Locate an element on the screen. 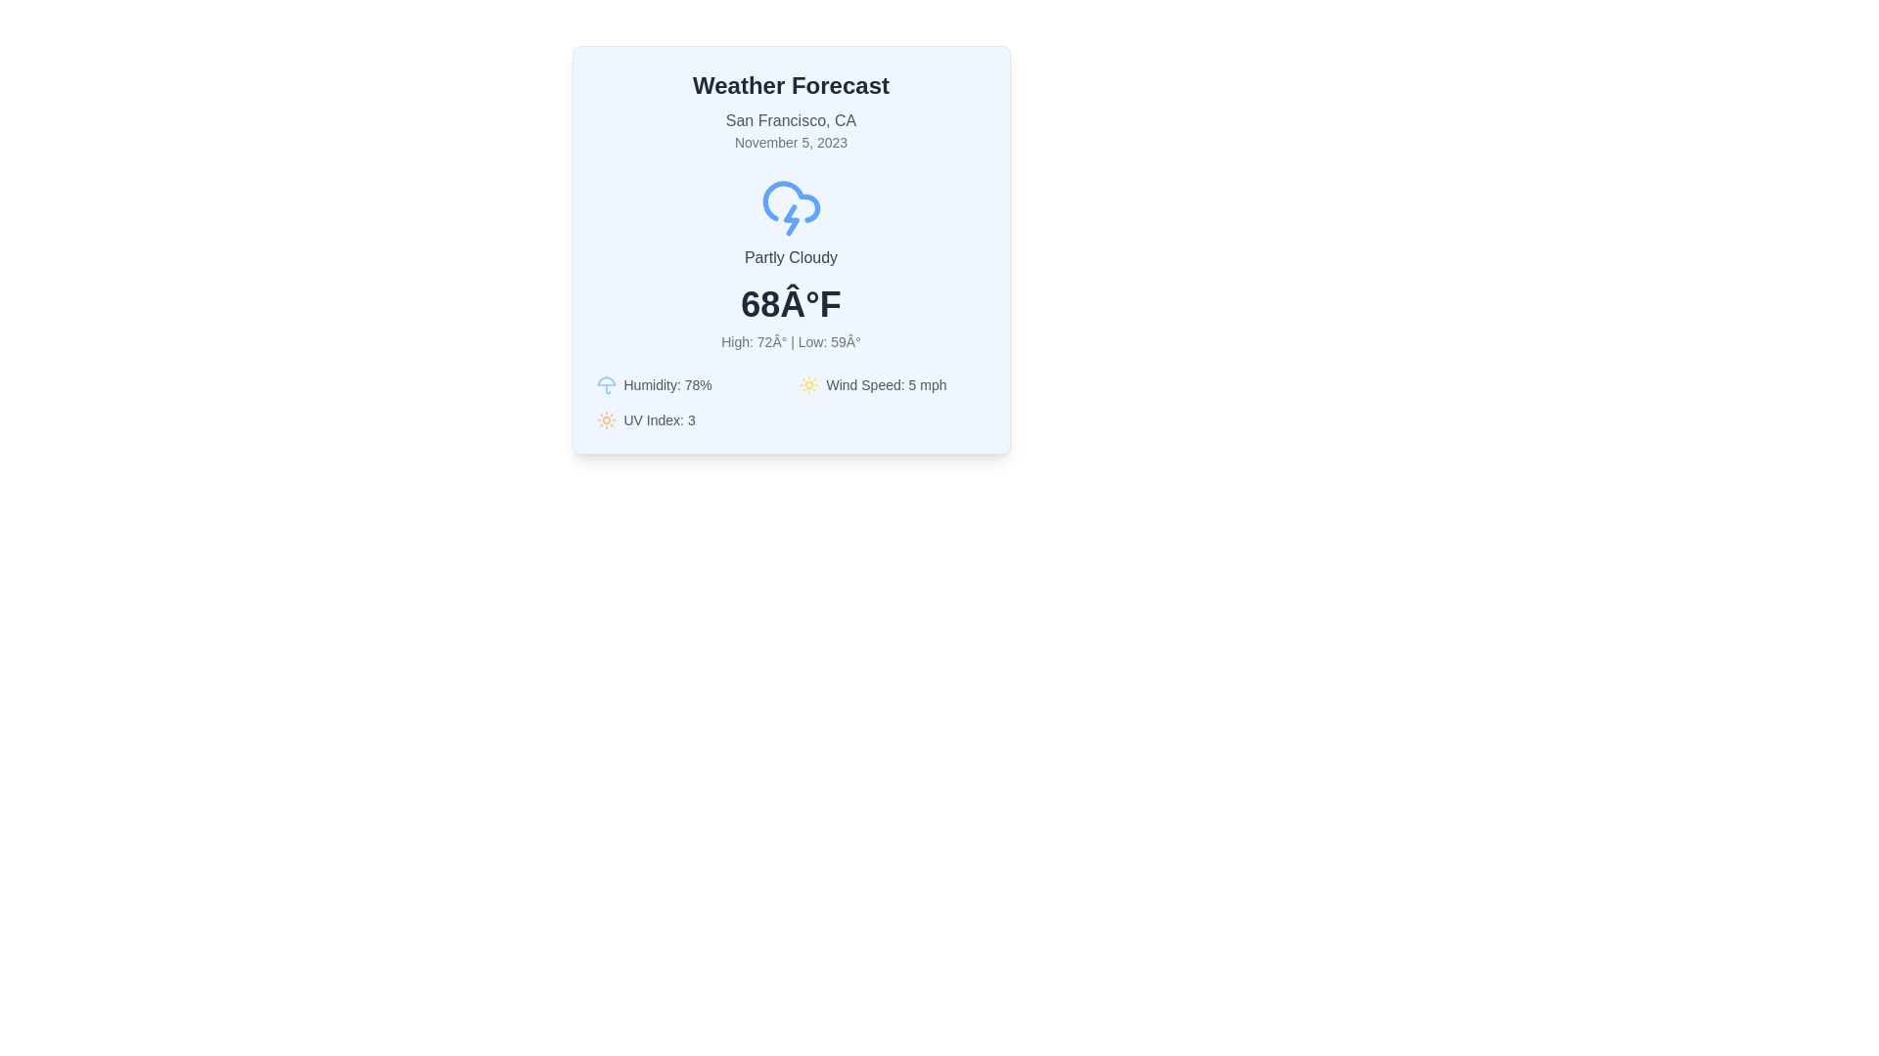  the static text element that serves as a title header for the weather information, located at the top of the section is located at coordinates (791, 85).